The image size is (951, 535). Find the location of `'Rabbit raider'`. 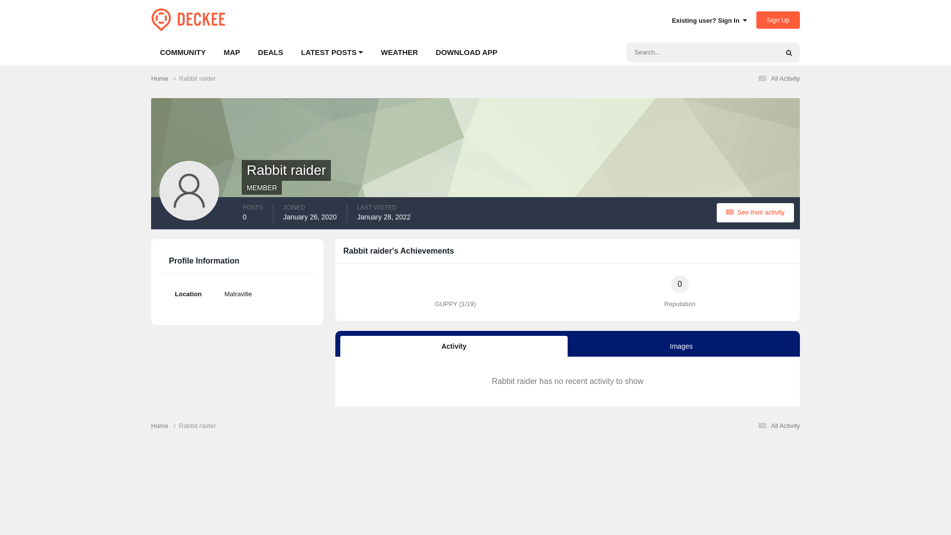

'Rabbit raider' is located at coordinates (197, 425).